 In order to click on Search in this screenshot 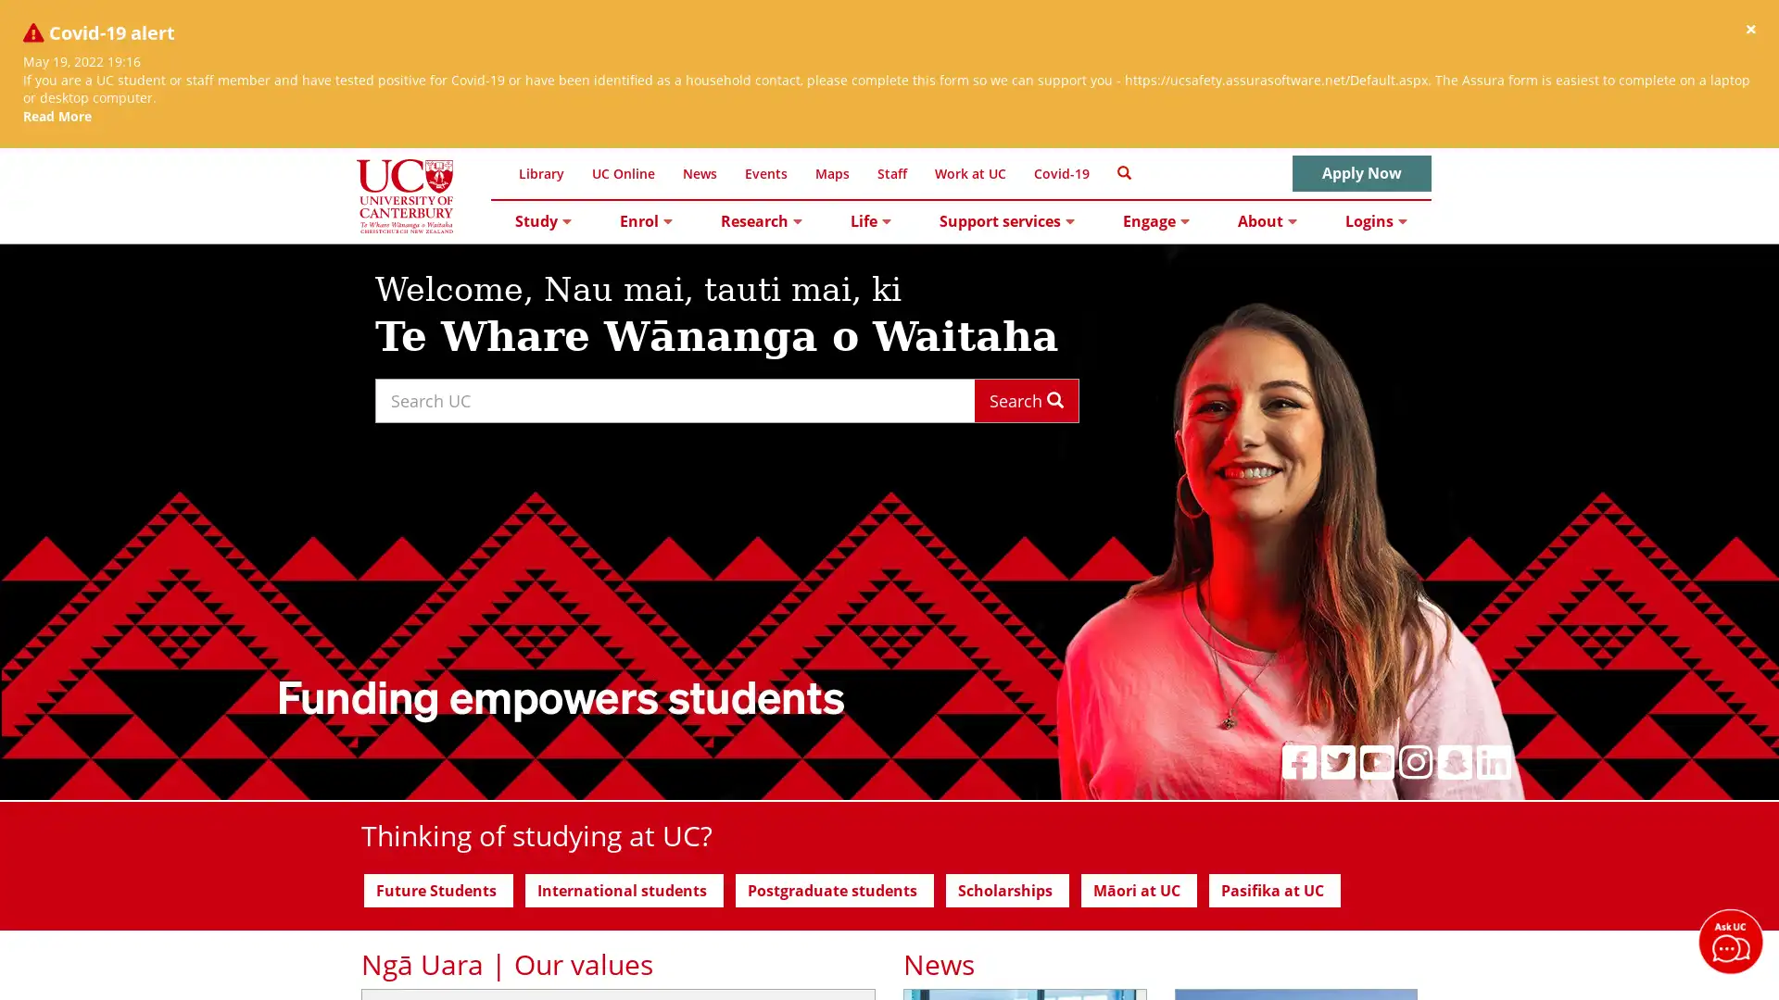, I will do `click(1026, 399)`.